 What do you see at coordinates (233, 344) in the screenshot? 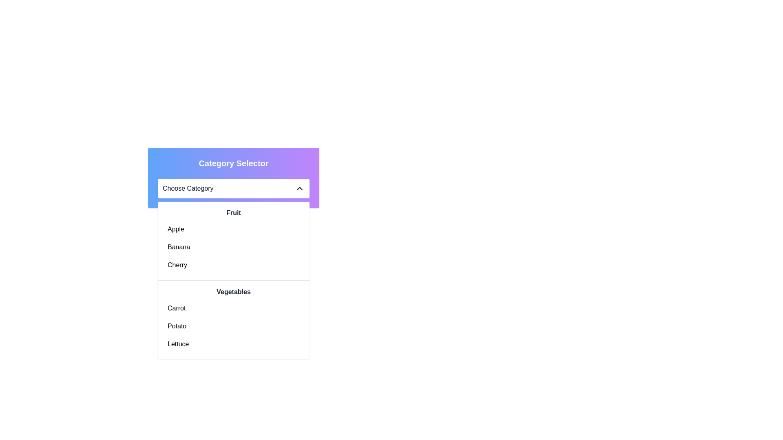
I see `to select the 'Lettuce' option in the menu list under the 'Vegetables' category` at bounding box center [233, 344].